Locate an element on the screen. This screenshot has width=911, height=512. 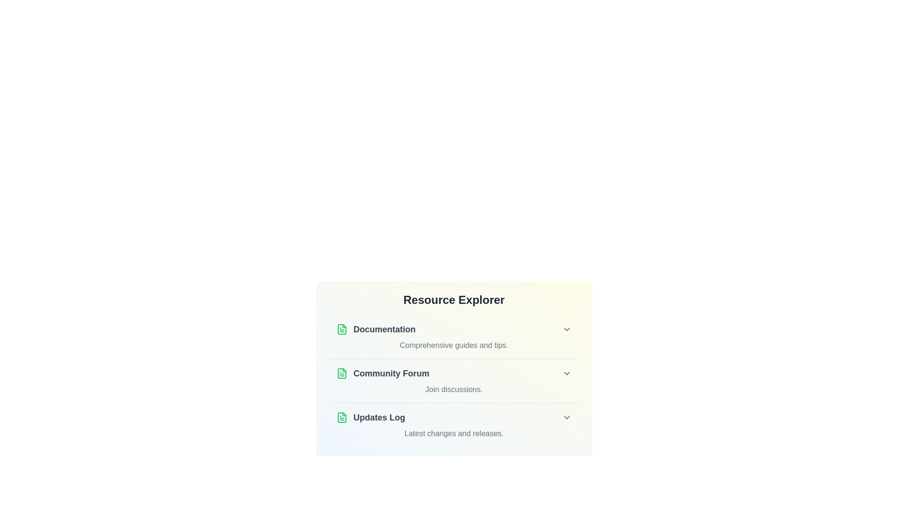
the title Documentation of the list item is located at coordinates (453, 329).